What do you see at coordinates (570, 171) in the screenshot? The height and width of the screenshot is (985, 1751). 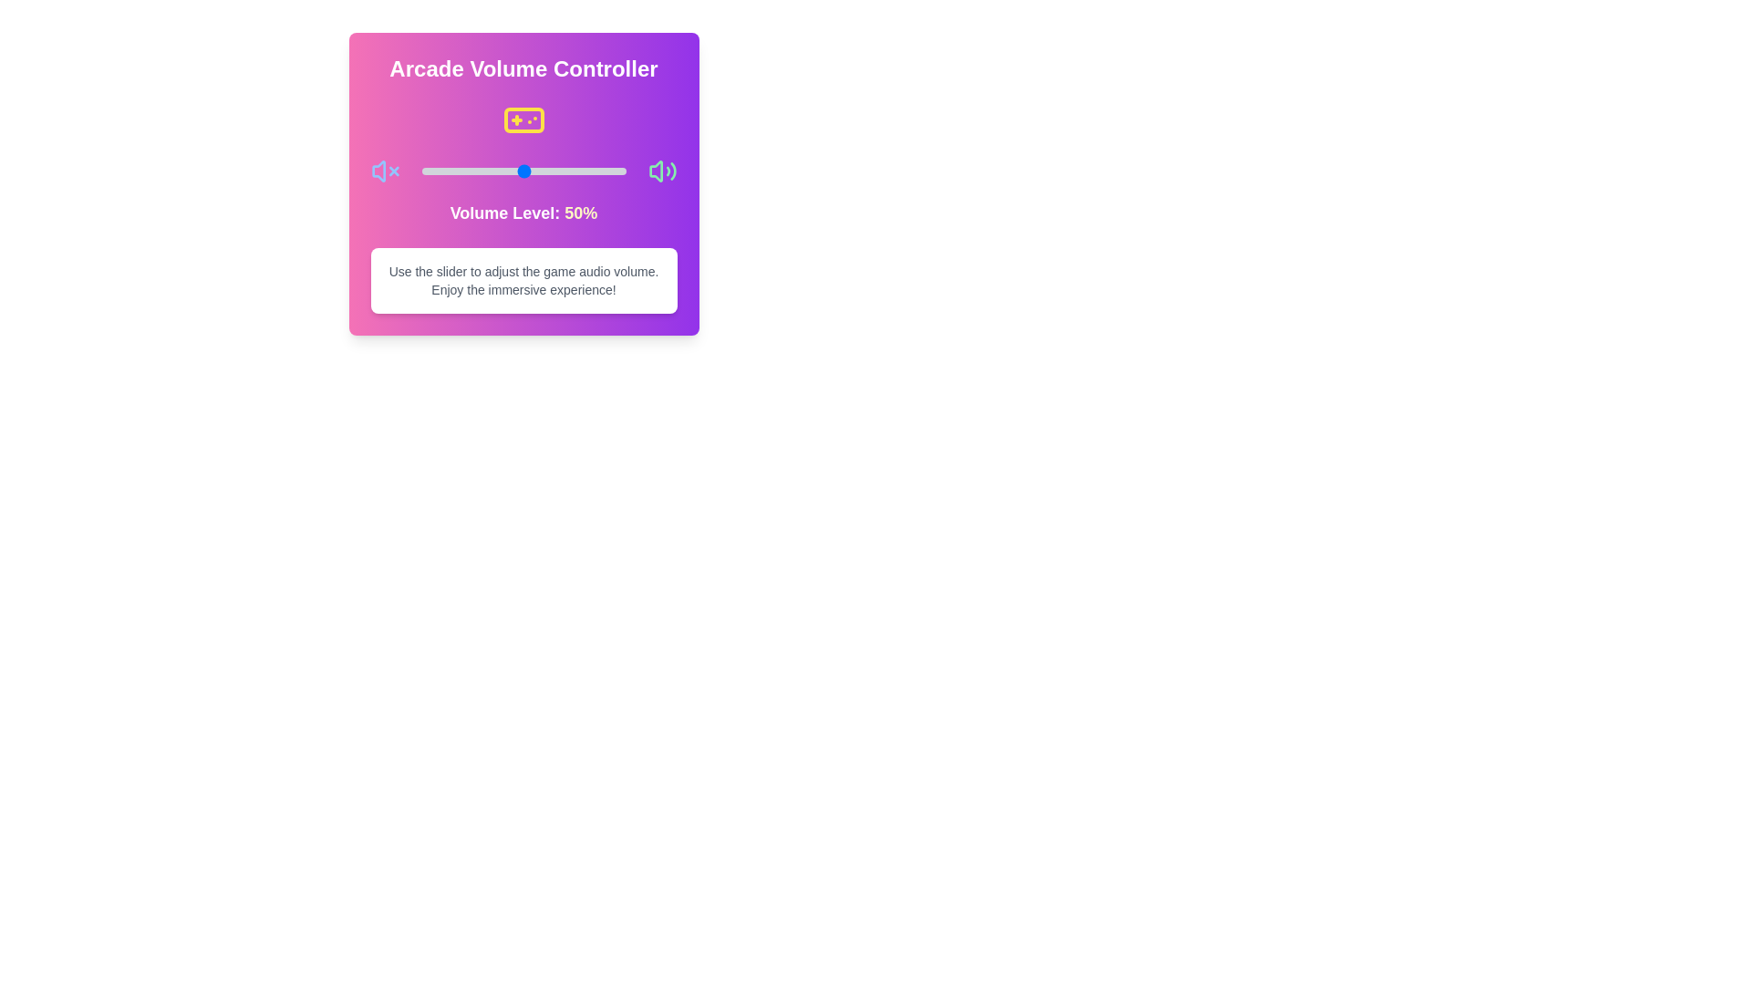 I see `the volume to 73% by dragging the slider` at bounding box center [570, 171].